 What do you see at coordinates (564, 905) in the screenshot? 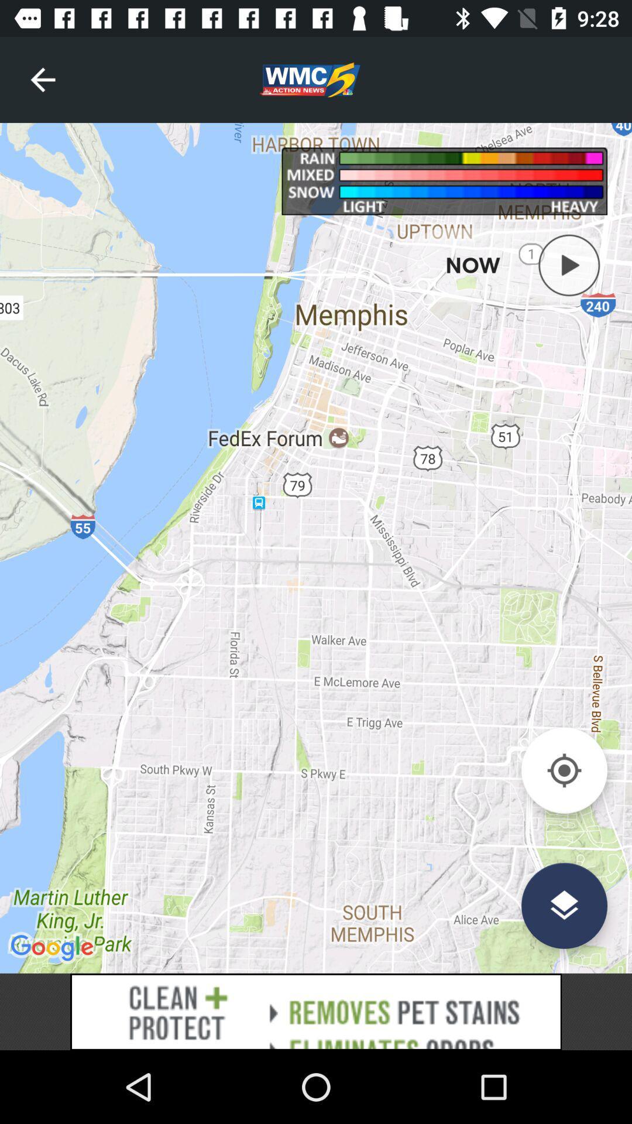
I see `the layers icon` at bounding box center [564, 905].